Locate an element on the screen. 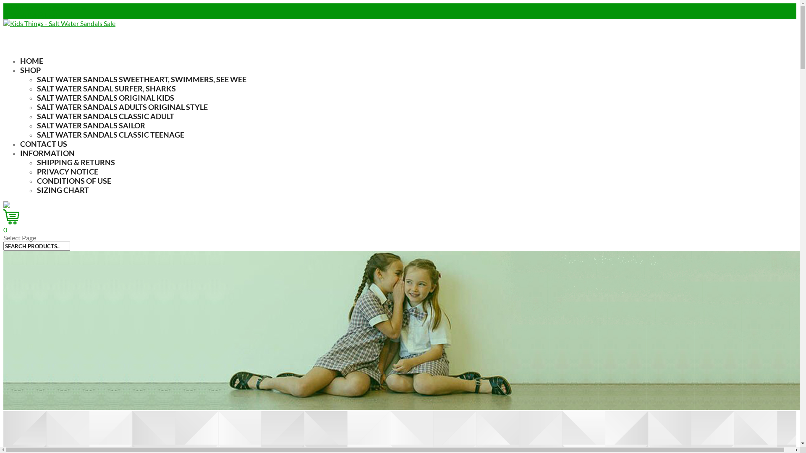  'SALT WATER SANDALS SAILOR' is located at coordinates (91, 125).